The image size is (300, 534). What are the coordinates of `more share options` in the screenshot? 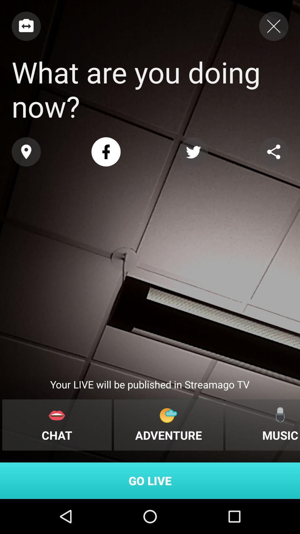 It's located at (273, 152).